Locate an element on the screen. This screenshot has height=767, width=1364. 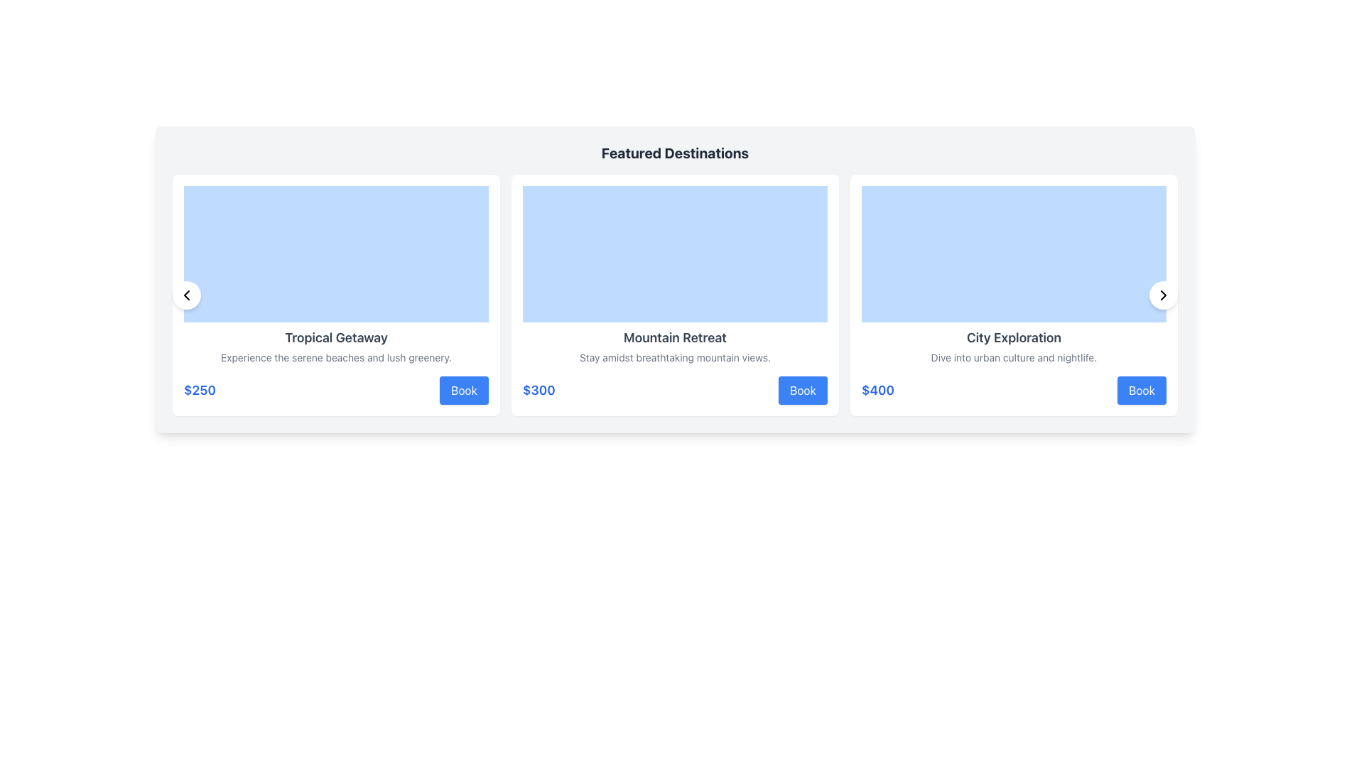
the right-chevron icon with a thin, circular border located at the lower right of the third card titled 'City Exploration.' is located at coordinates (1163, 295).